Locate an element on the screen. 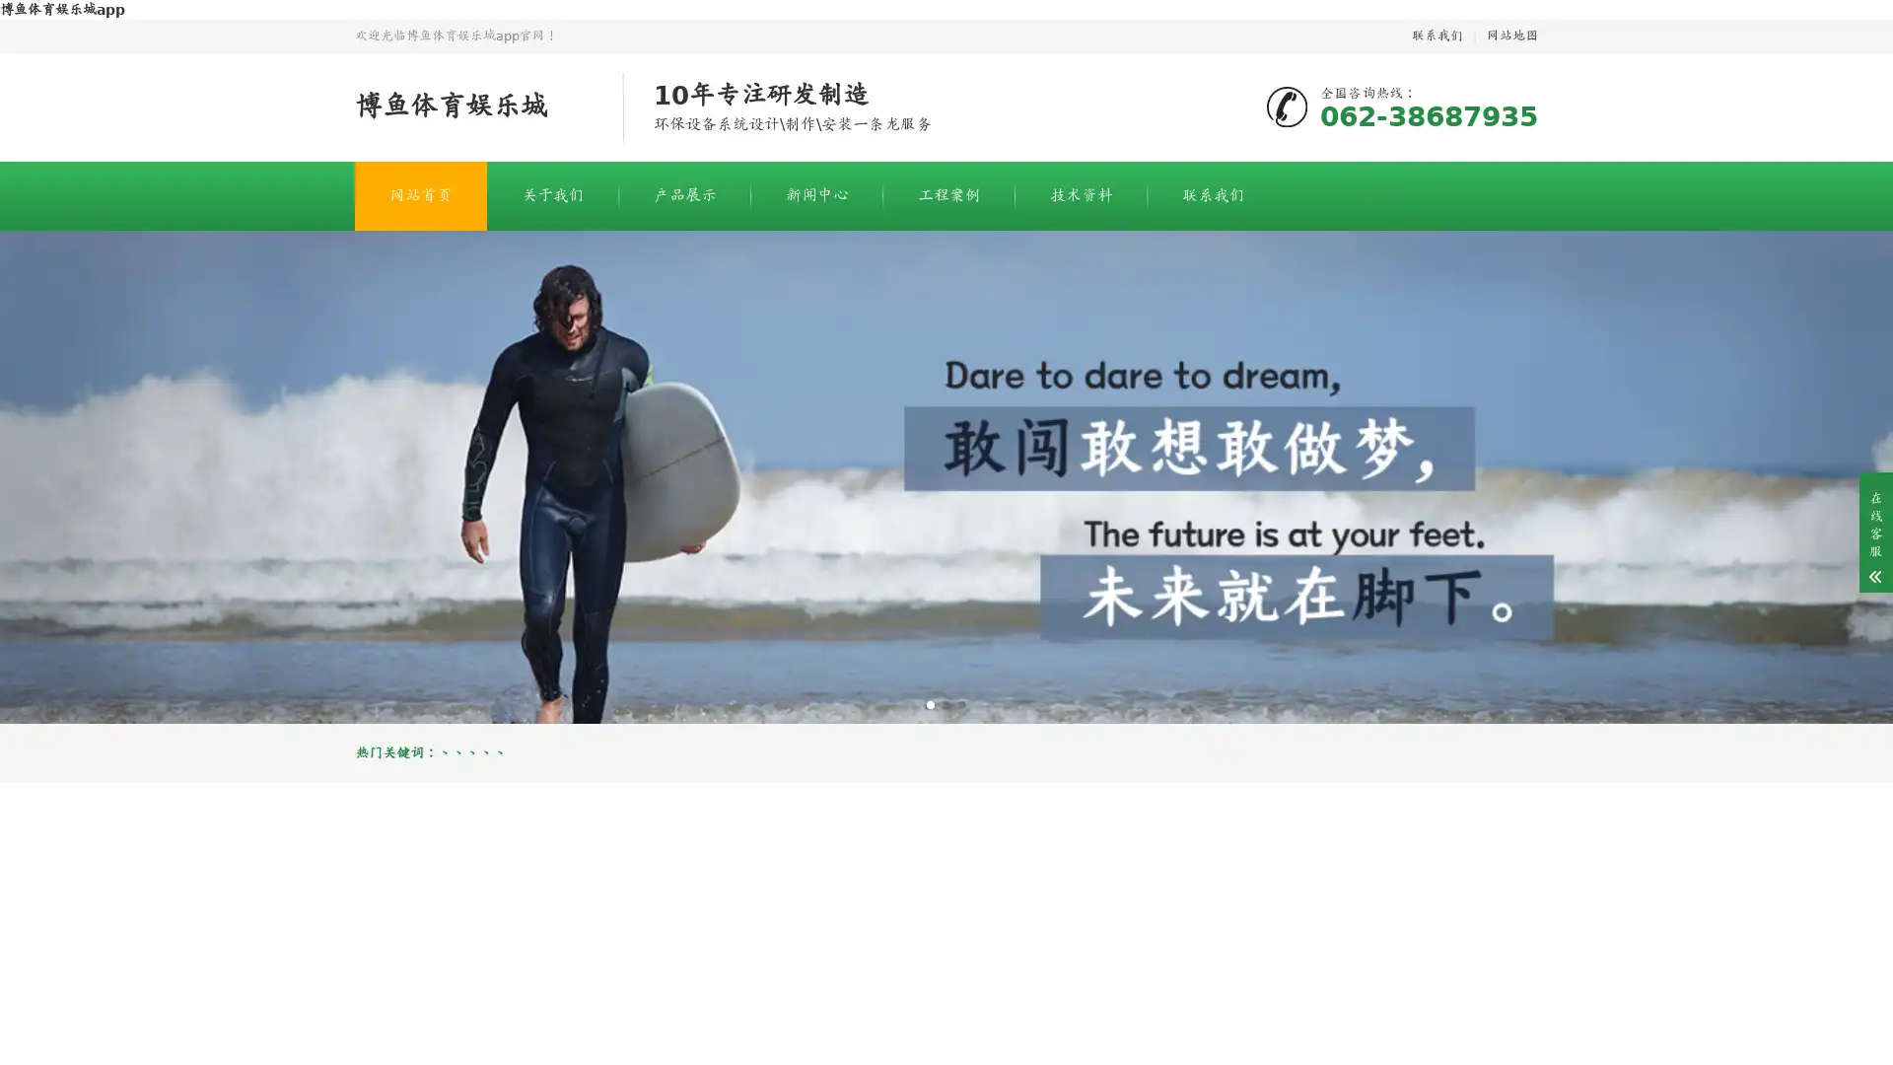 The image size is (1893, 1065). Go to slide 2 is located at coordinates (946, 703).